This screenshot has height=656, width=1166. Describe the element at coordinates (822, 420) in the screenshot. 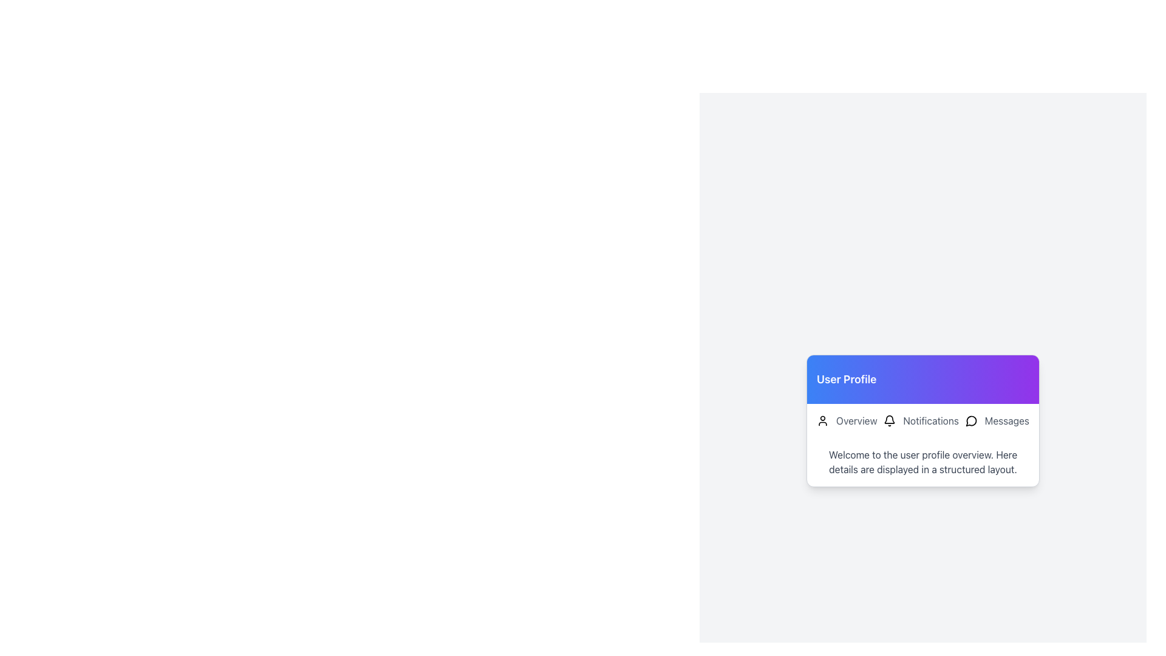

I see `the user profile icon located to the left of the 'Overview' text in the navigation section of the user profile card` at that location.